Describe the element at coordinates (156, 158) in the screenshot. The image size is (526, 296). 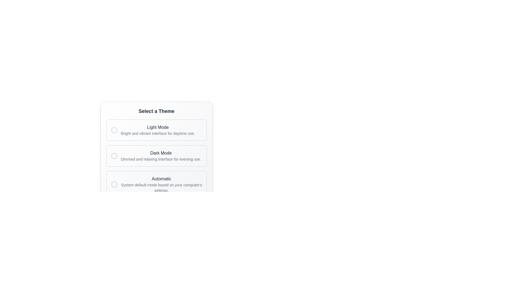
I see `the Selectable Option Group within the modal that allows users` at that location.